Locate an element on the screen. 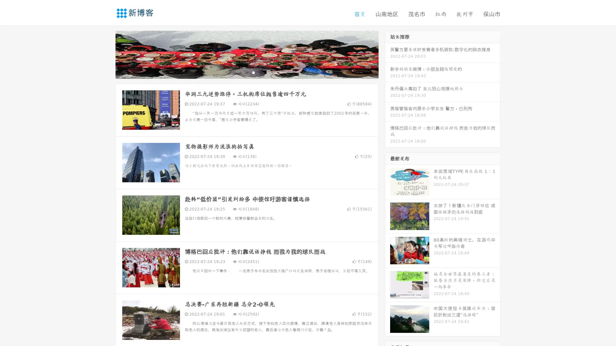  Go to slide 1 is located at coordinates (240, 72).